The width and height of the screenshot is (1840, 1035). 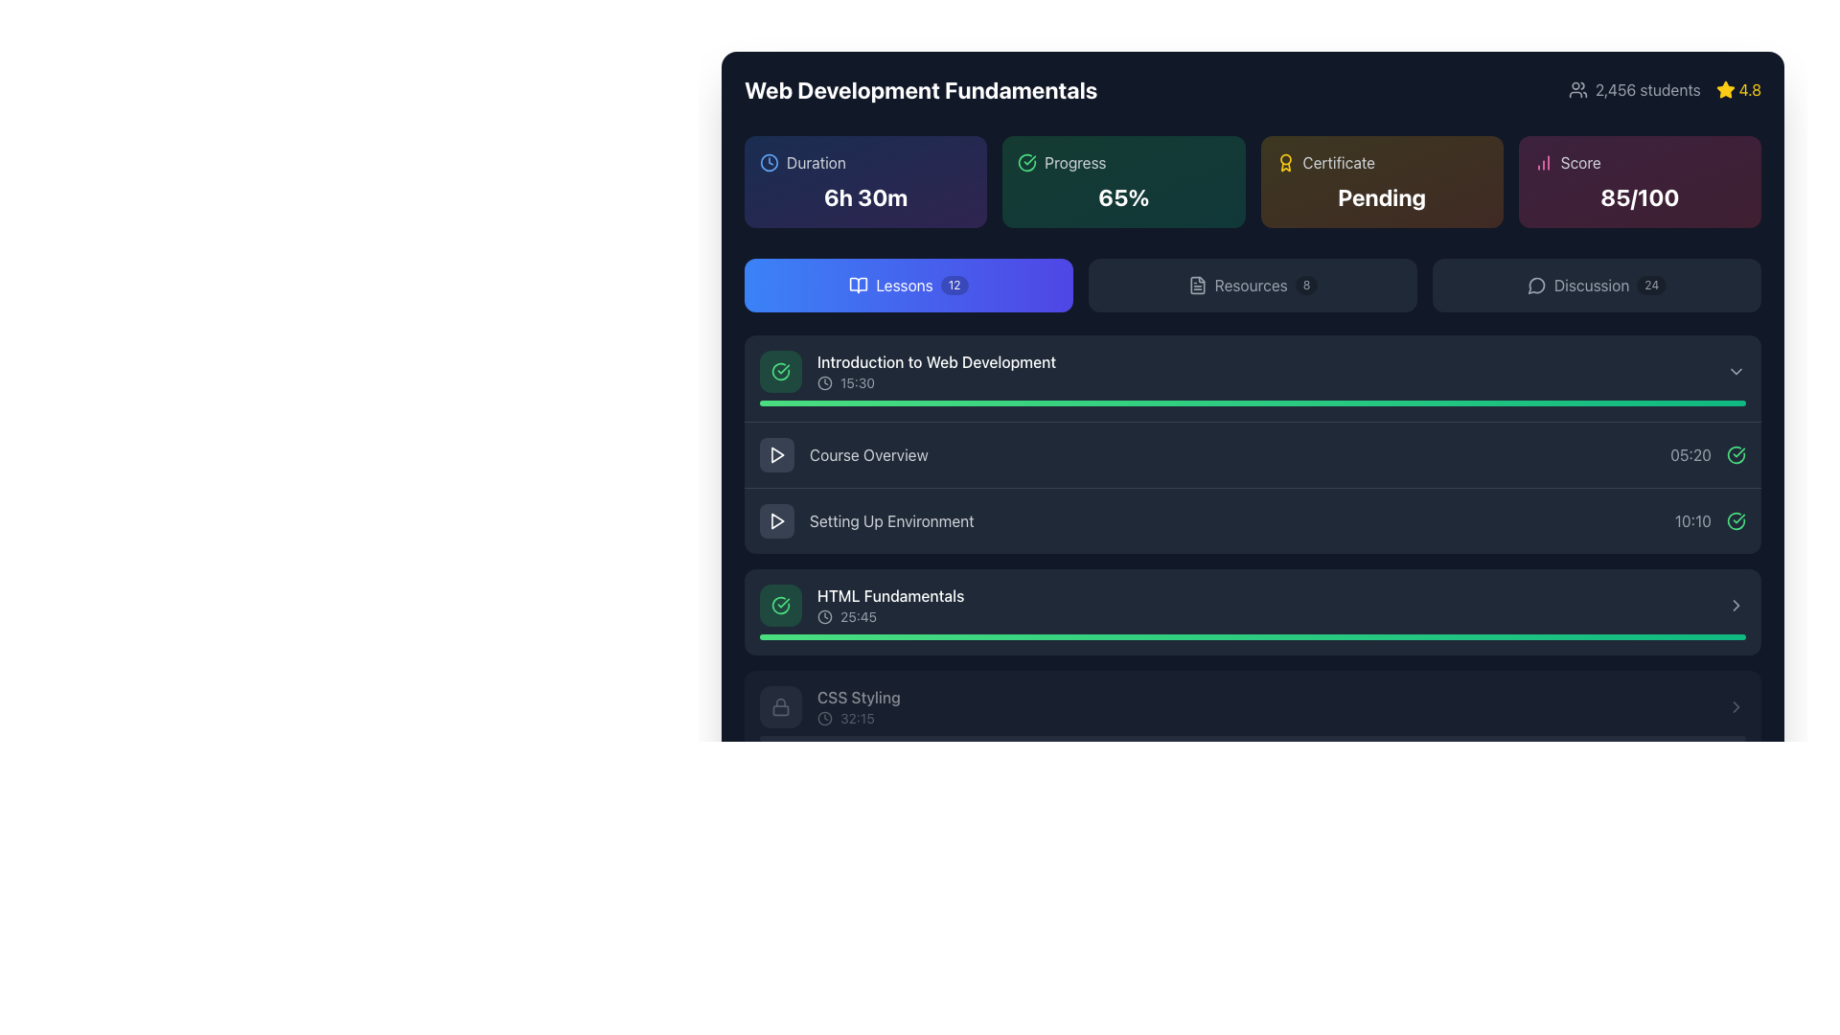 What do you see at coordinates (824, 718) in the screenshot?
I see `the small circular clock icon` at bounding box center [824, 718].